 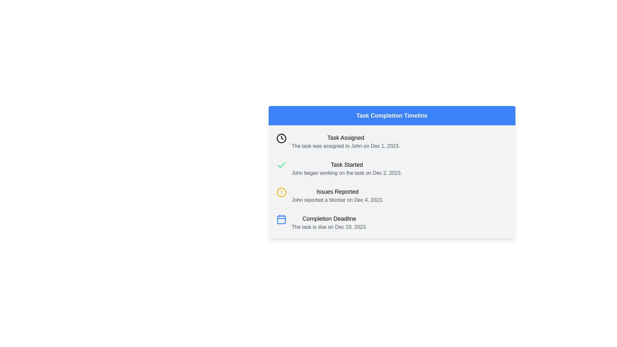 What do you see at coordinates (281, 138) in the screenshot?
I see `the circular clock icon with a black outline in the 'Task Completion Timeline' section, which is left-aligned relative to the text 'Task Assigned'` at bounding box center [281, 138].